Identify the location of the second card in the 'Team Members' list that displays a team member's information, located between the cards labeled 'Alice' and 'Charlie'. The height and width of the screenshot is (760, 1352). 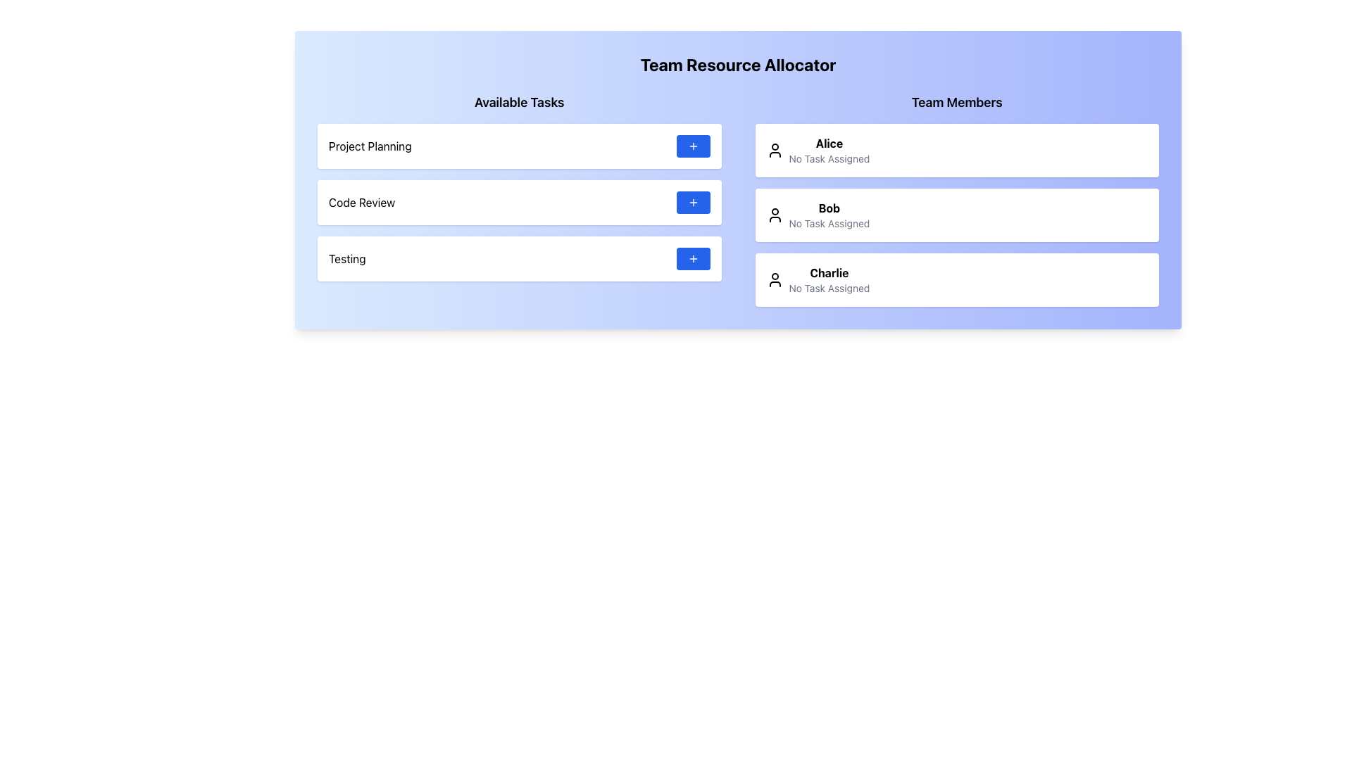
(957, 215).